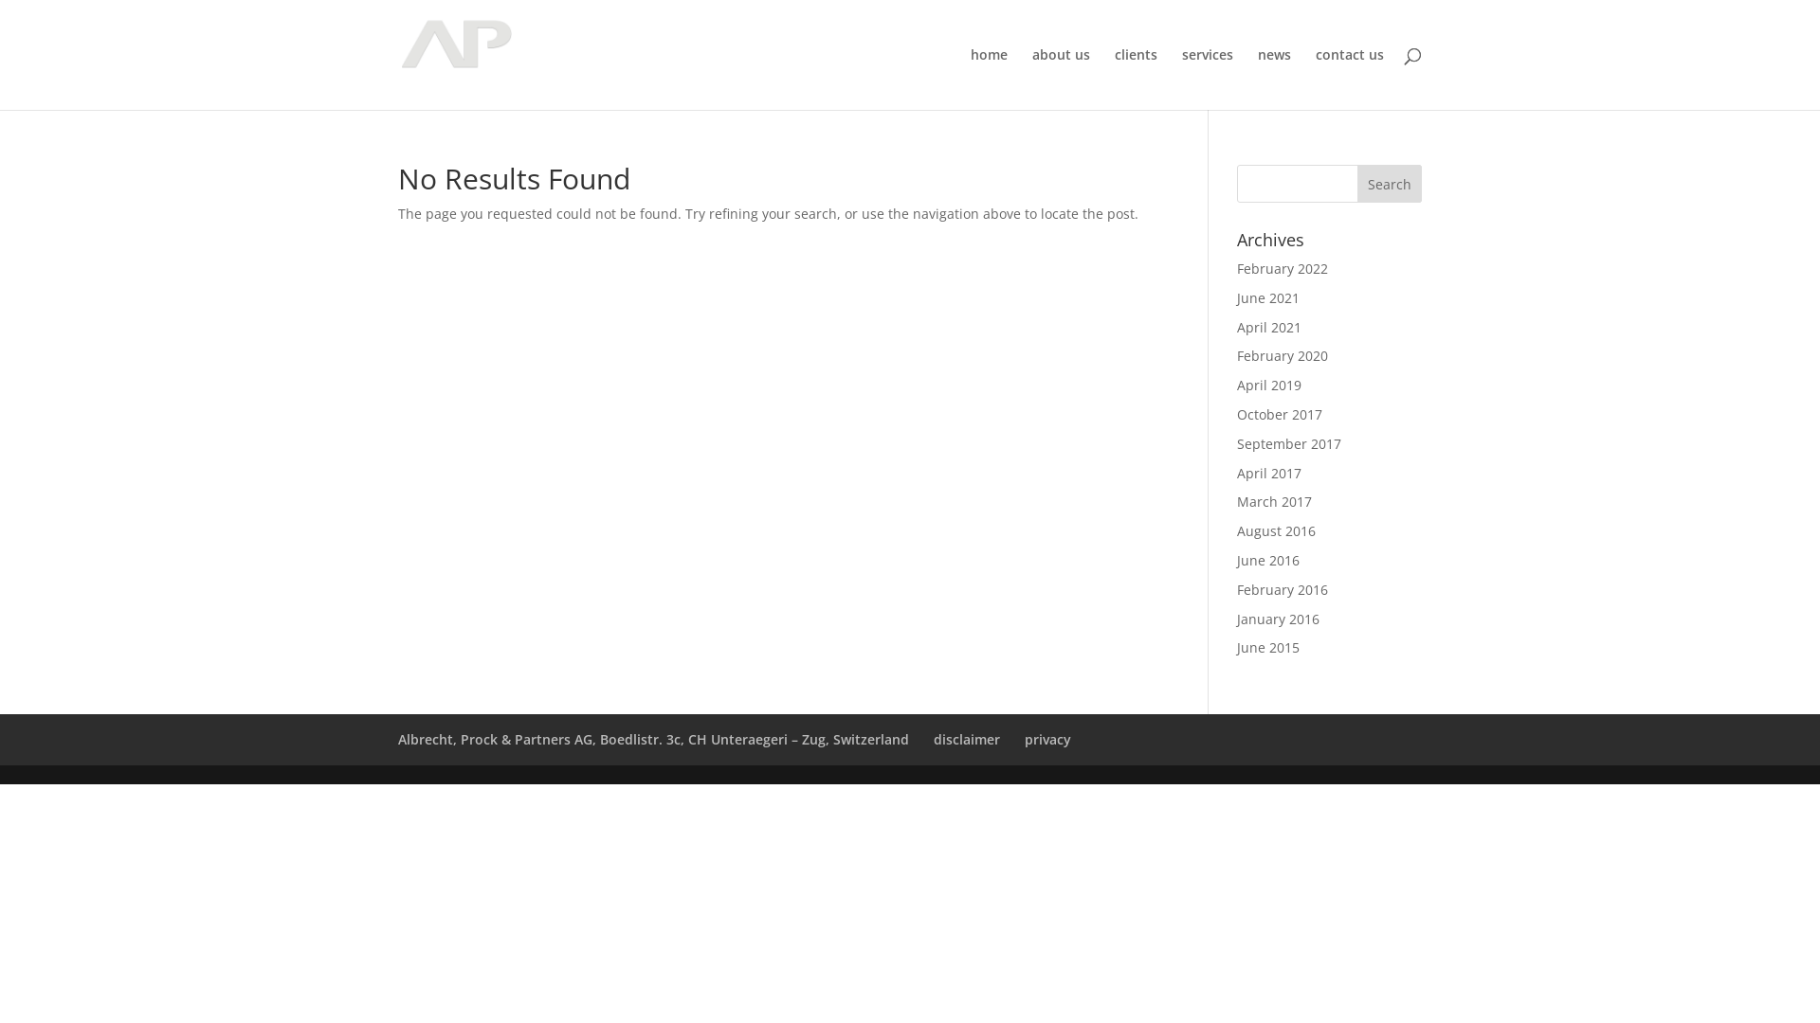 The width and height of the screenshot is (1820, 1023). I want to click on 'April 2019', so click(1269, 384).